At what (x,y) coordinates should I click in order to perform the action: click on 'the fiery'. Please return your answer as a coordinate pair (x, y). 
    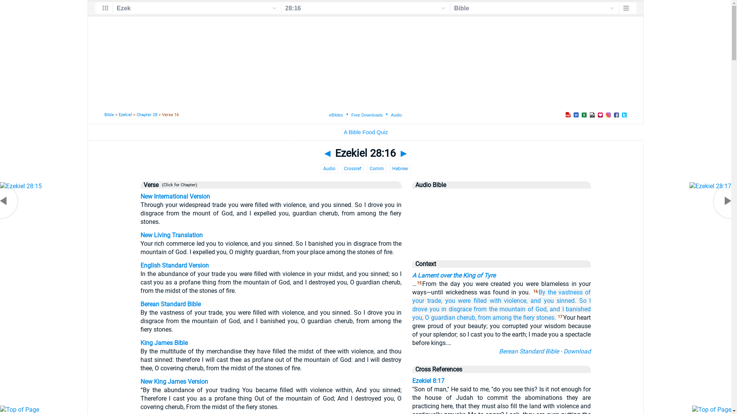
    Looking at the image, I should click on (523, 317).